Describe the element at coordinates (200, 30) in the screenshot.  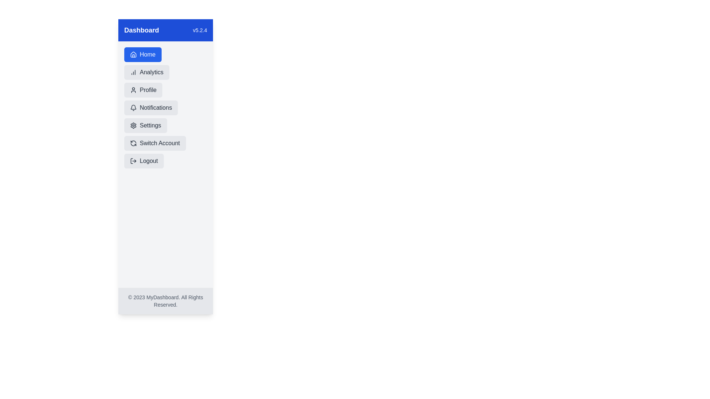
I see `the static text label displaying 'v5.2.4' which is positioned on the far right side of the blue header bar, following the 'Dashboard' label` at that location.